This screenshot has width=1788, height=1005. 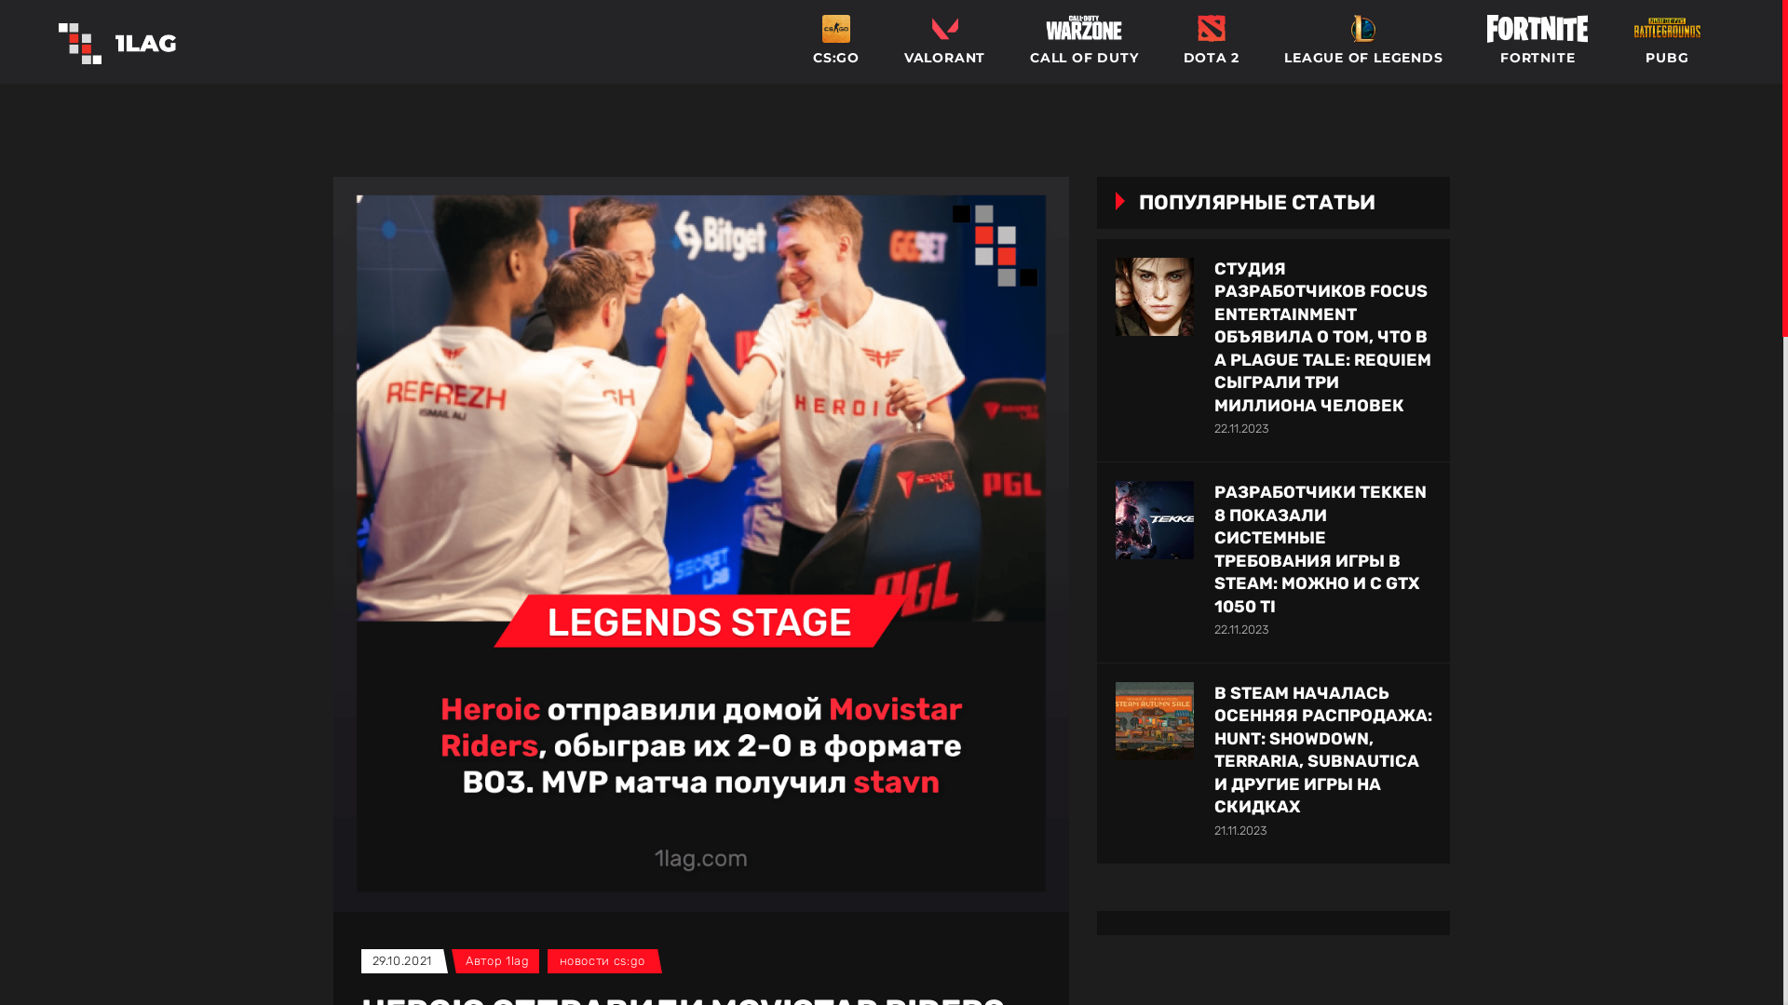 I want to click on 'PUBG', so click(x=1612, y=42).